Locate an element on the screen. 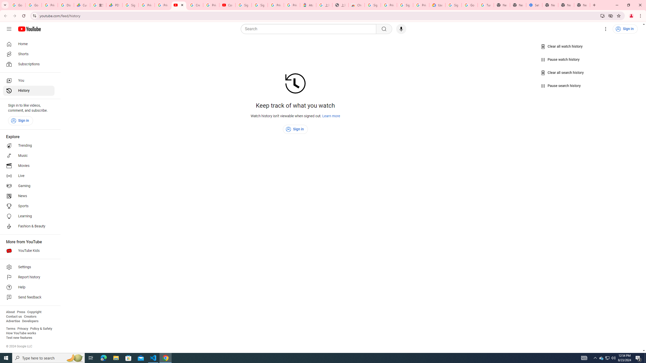 The image size is (646, 363). 'How YouTube works' is located at coordinates (21, 333).